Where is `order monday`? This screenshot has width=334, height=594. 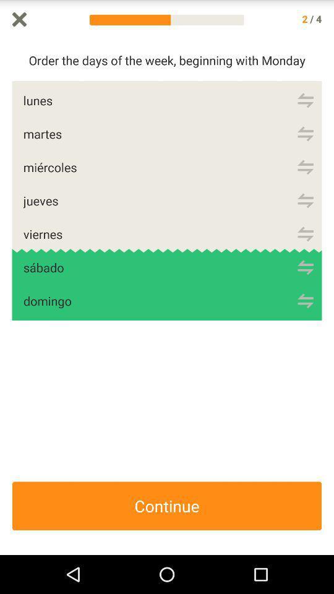
order monday is located at coordinates (305, 100).